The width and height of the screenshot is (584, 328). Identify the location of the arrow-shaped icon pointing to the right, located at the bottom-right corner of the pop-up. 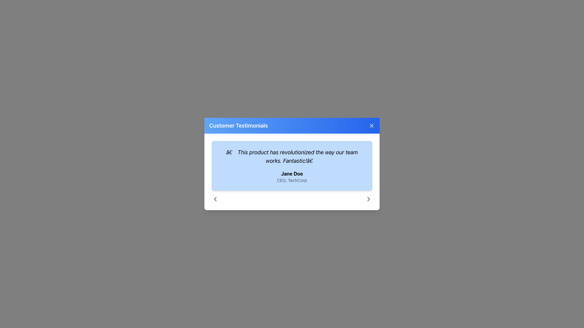
(368, 199).